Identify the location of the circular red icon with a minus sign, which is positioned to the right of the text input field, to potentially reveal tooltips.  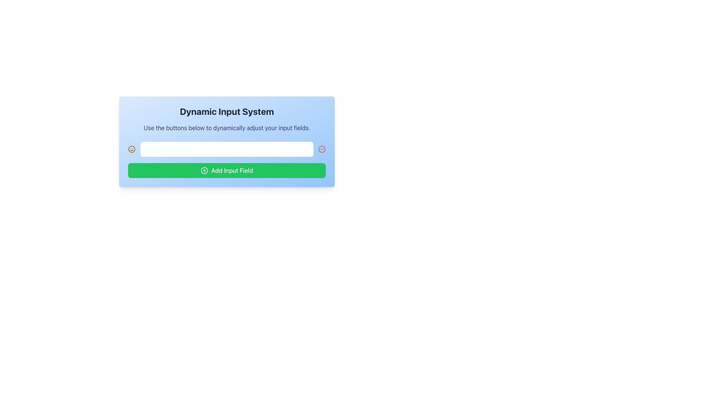
(322, 149).